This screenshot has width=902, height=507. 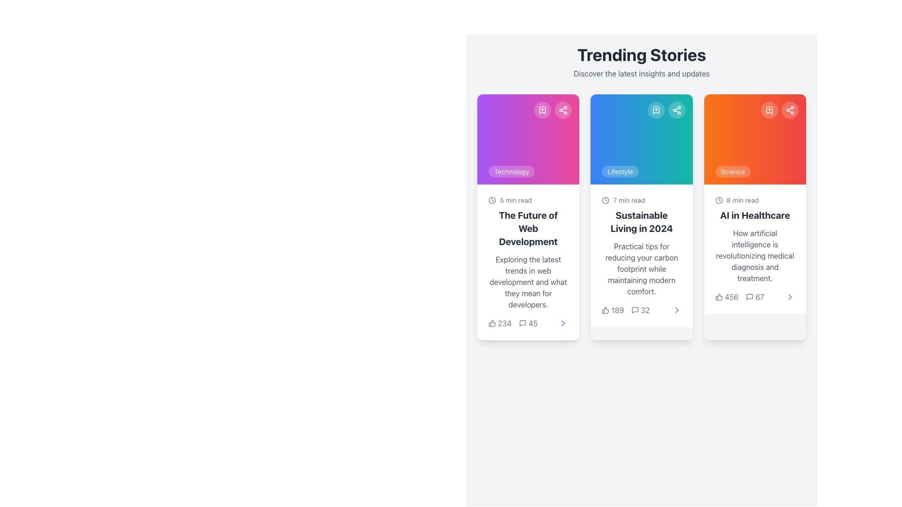 What do you see at coordinates (513, 323) in the screenshot?
I see `the user engagement metrics display located at the bottom of the first card labeled 'The Future of Web Development', which is positioned between the like counter and the comment counter` at bounding box center [513, 323].